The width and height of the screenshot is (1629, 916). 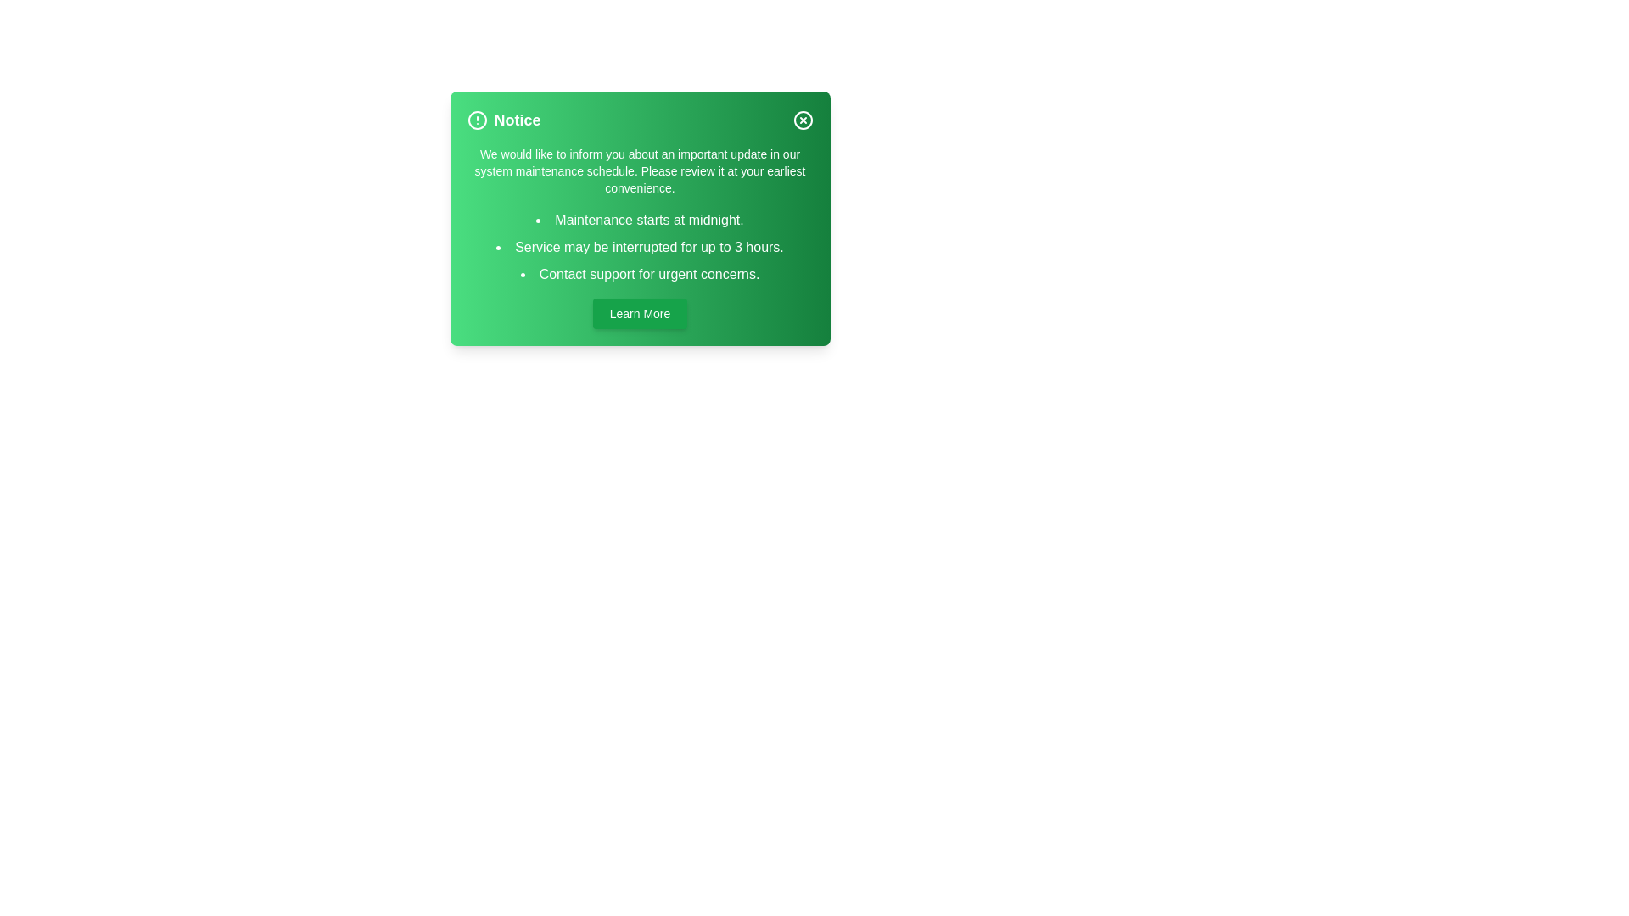 What do you see at coordinates (802, 120) in the screenshot?
I see `the circular close button with an 'X' inside, located in the top-right corner of the green notification box labeled 'Notice'` at bounding box center [802, 120].